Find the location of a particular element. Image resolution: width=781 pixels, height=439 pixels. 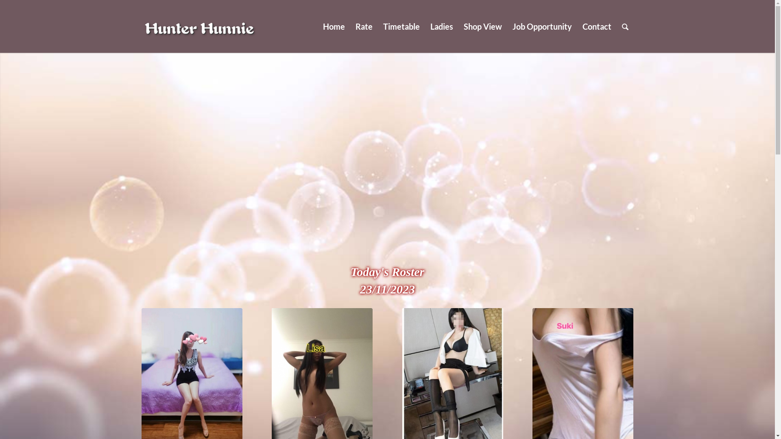

'Ladies' is located at coordinates (424, 26).